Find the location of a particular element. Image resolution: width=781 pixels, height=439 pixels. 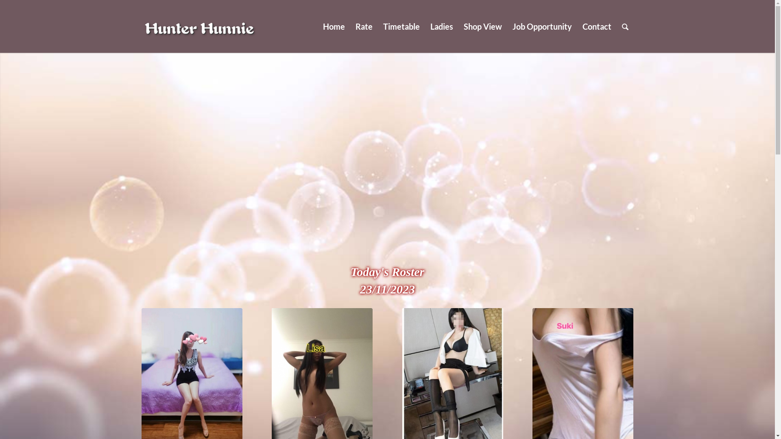

'Ladies' is located at coordinates (424, 26).